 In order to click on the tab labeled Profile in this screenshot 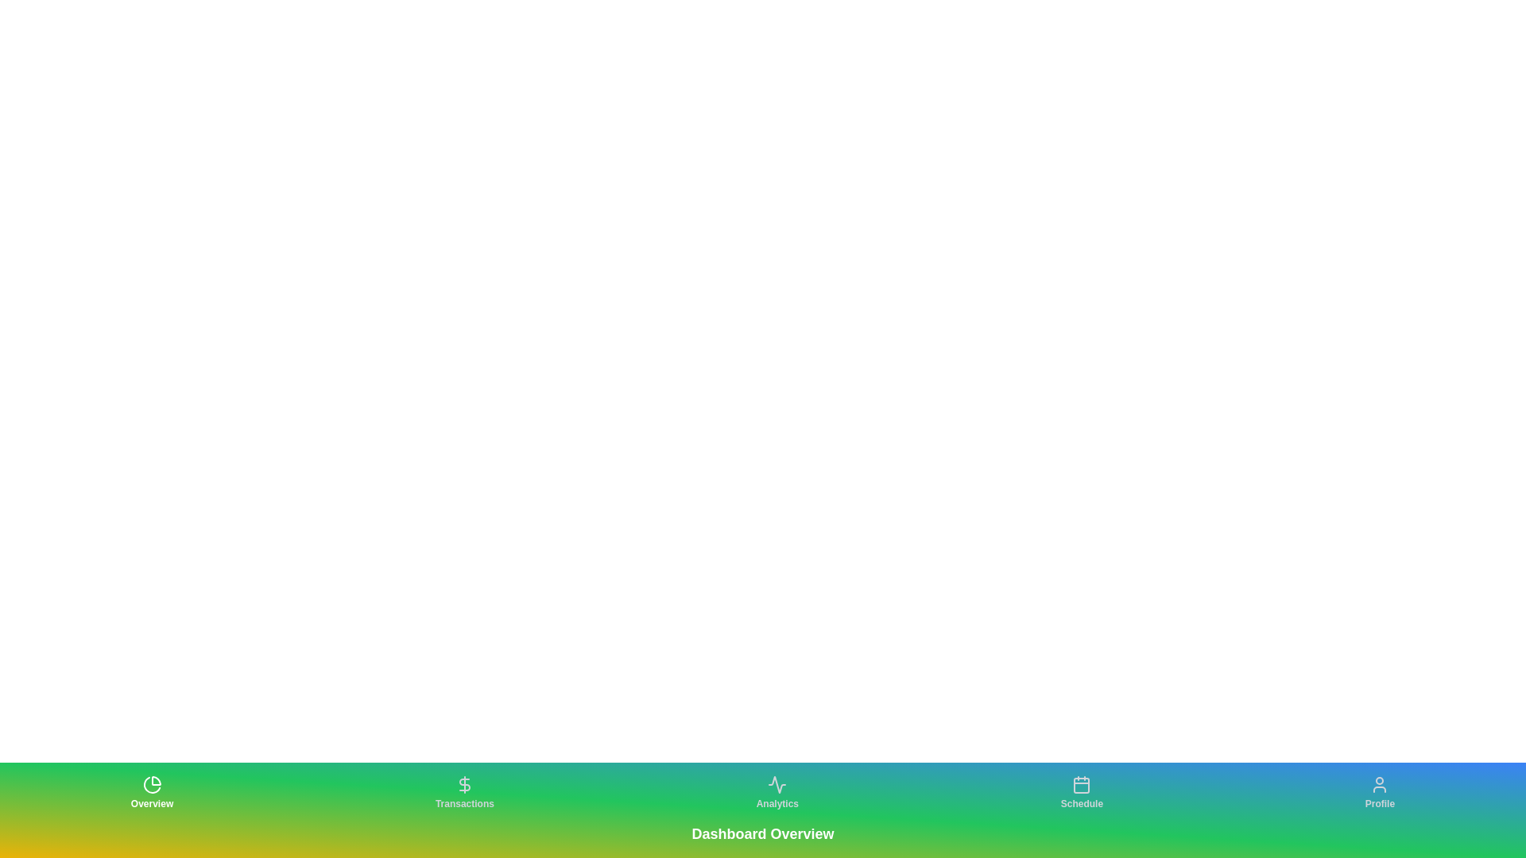, I will do `click(1379, 793)`.